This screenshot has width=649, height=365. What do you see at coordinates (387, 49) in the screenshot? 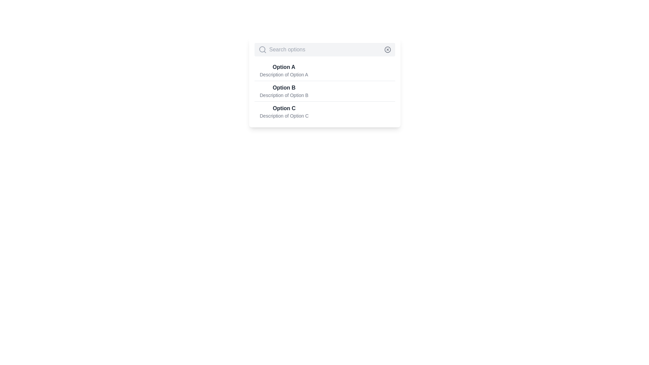
I see `the SVG circle component located in the top-right corner of the dropdown panel, which represents a close or clear operation` at bounding box center [387, 49].